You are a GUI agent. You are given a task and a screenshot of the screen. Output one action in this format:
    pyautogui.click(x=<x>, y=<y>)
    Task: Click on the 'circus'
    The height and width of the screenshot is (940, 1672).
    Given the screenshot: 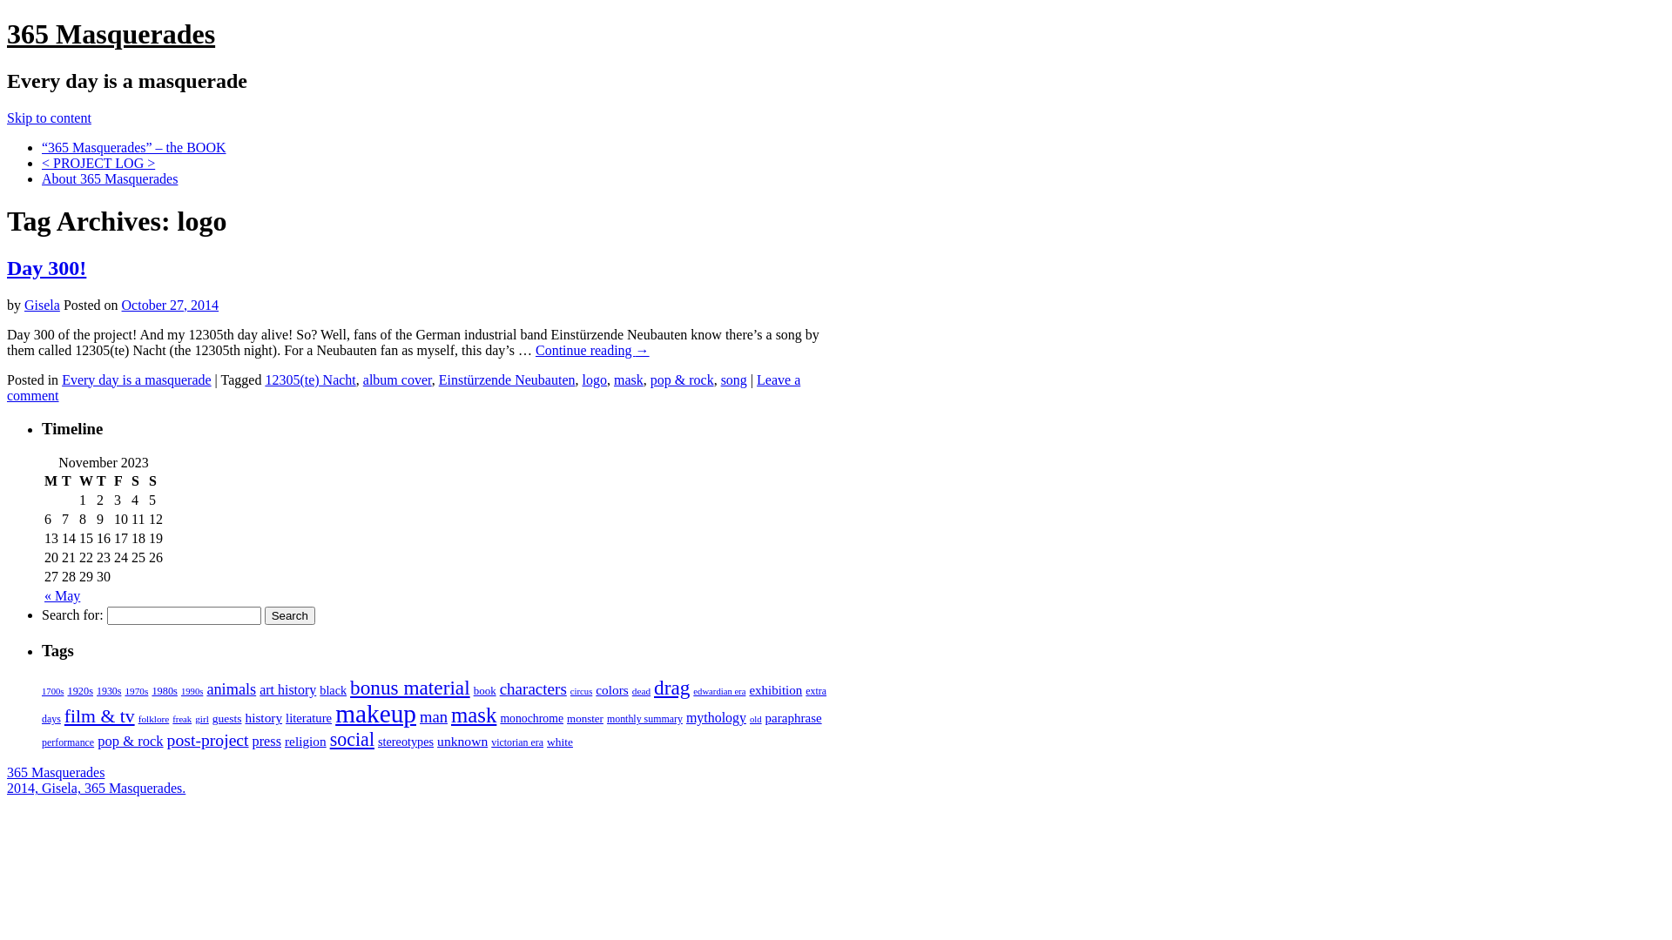 What is the action you would take?
    pyautogui.click(x=570, y=690)
    